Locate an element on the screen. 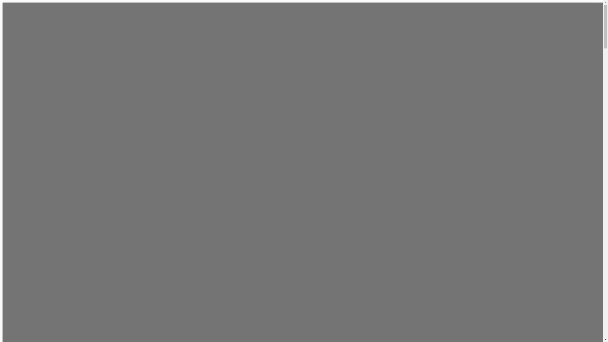 Image resolution: width=608 pixels, height=342 pixels. 'reception@honeslawyers.com.au' is located at coordinates (396, 214).